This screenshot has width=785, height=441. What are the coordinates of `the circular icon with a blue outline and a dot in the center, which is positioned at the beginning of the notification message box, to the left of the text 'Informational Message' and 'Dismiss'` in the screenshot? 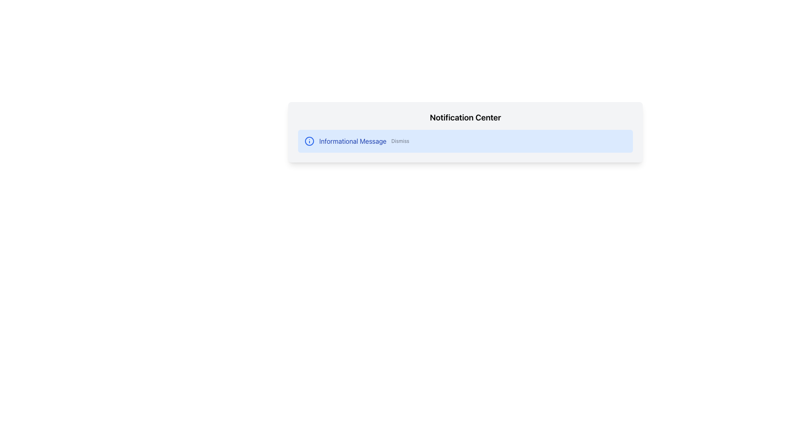 It's located at (309, 141).